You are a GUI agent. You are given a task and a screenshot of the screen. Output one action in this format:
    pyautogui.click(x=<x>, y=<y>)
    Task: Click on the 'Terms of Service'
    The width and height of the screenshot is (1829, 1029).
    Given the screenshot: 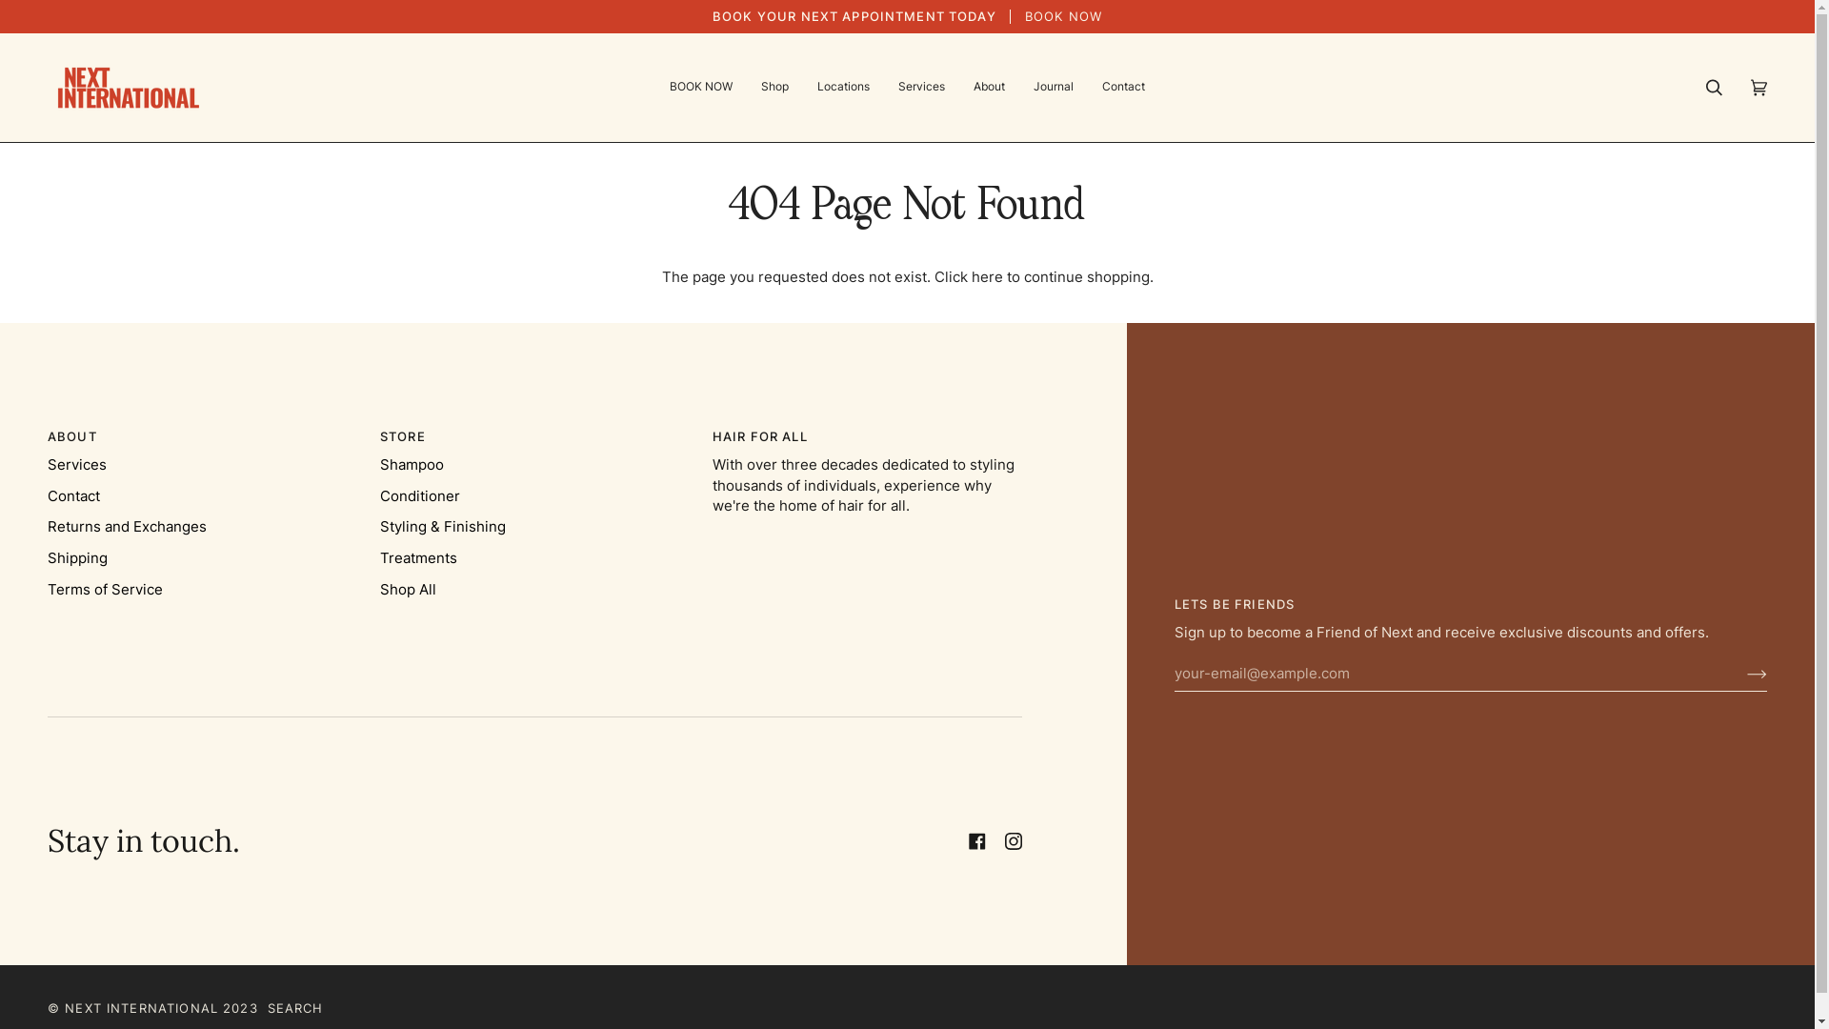 What is the action you would take?
    pyautogui.click(x=104, y=588)
    